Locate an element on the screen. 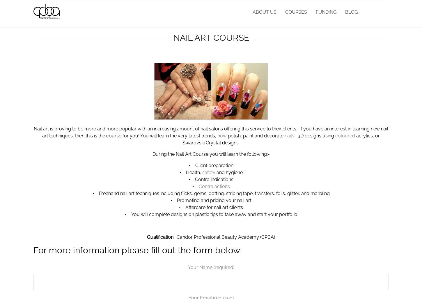  'and hygiene' is located at coordinates (229, 172).